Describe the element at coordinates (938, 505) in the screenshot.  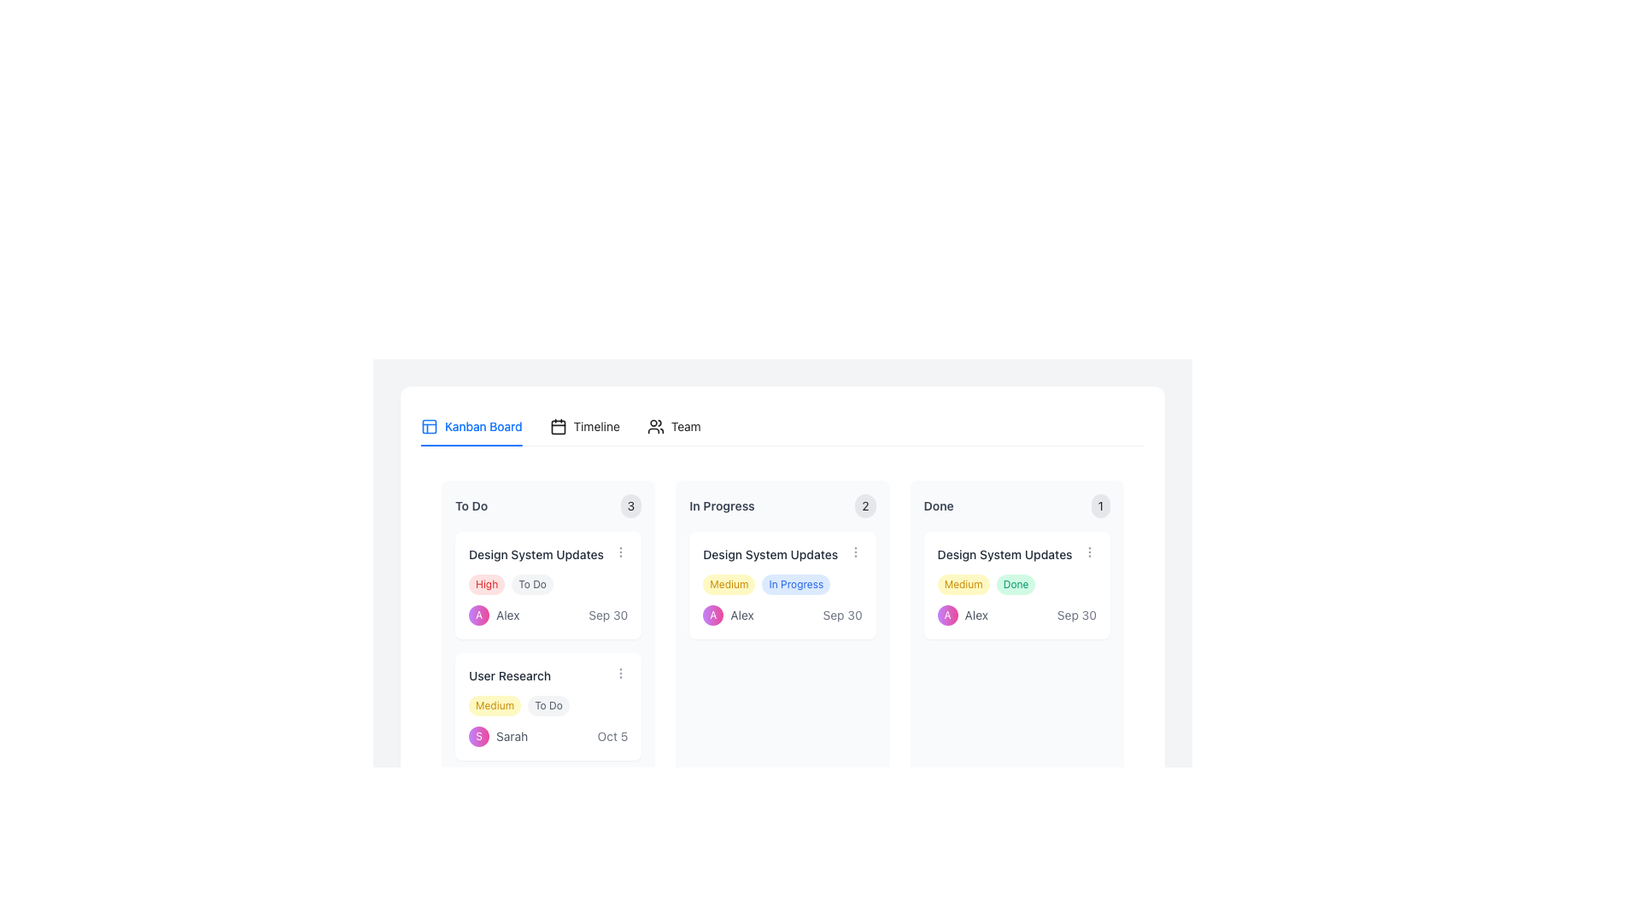
I see `the bold 'Done' text label styled in dark gray, located in the top-right corner of the card in the 'Done' category list` at that location.